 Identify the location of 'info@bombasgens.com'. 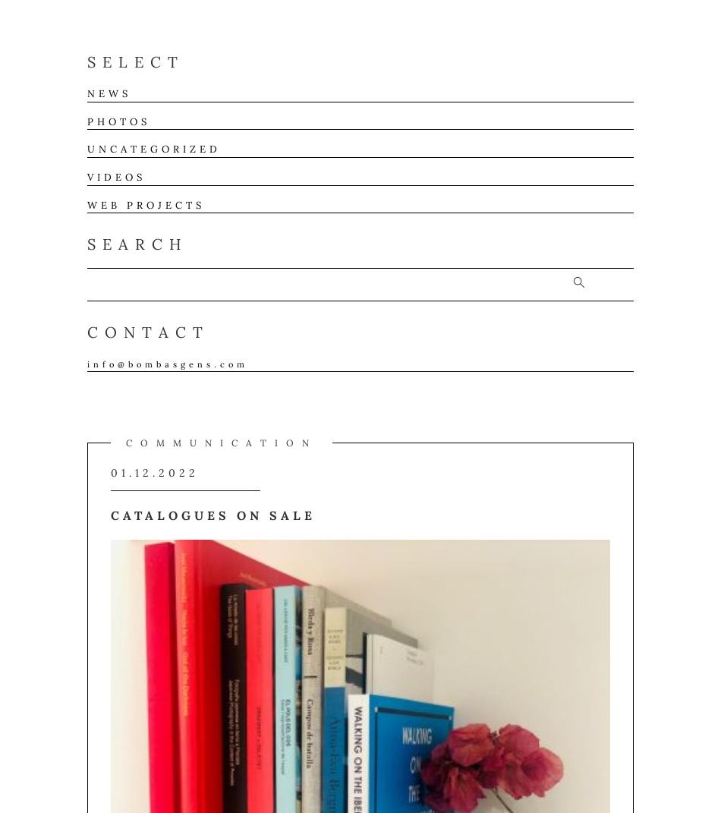
(167, 364).